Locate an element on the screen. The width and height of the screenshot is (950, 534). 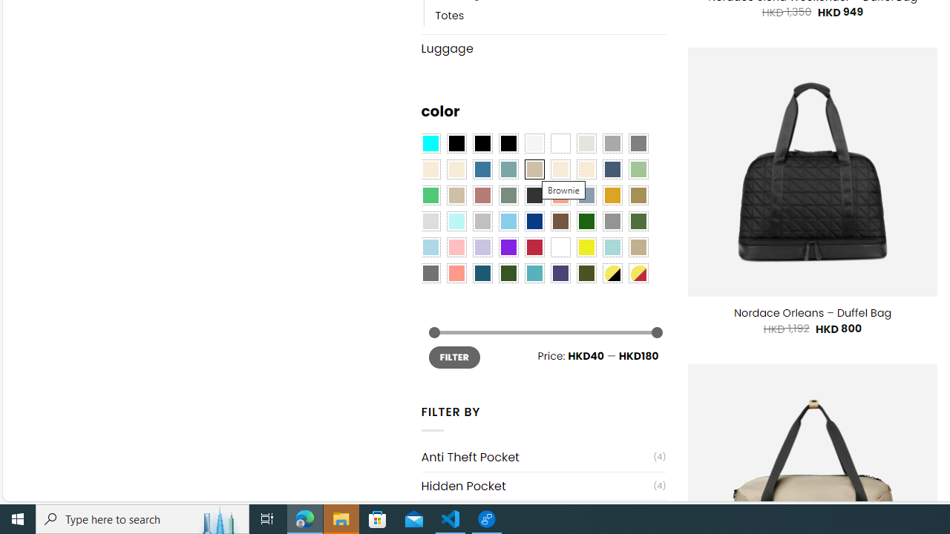
'Yellow' is located at coordinates (585, 247).